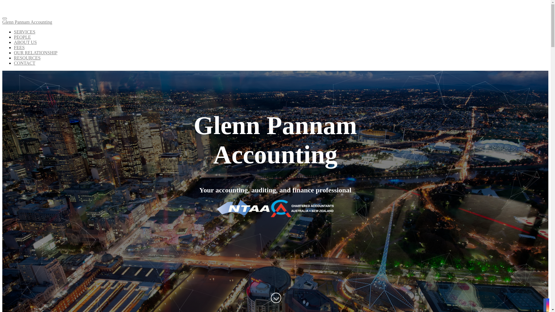  I want to click on 'Glenn Pannam Accounting', so click(275, 24).